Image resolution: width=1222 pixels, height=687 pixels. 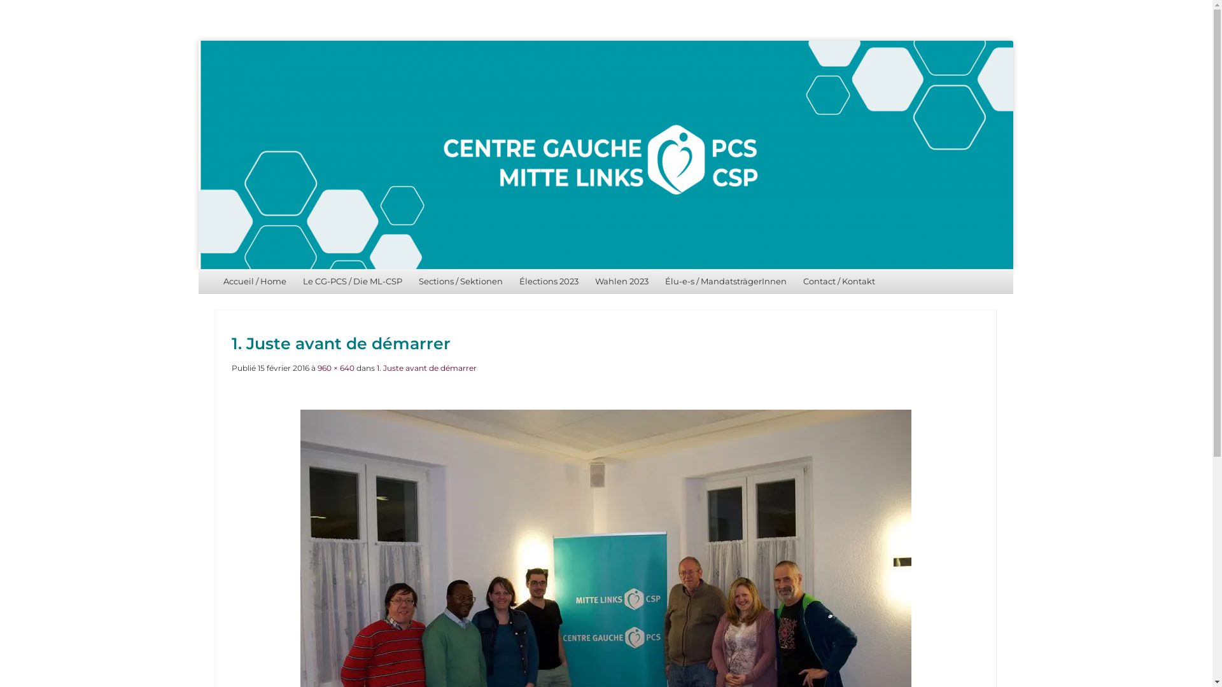 I want to click on 'Contact / Kontakt', so click(x=839, y=281).